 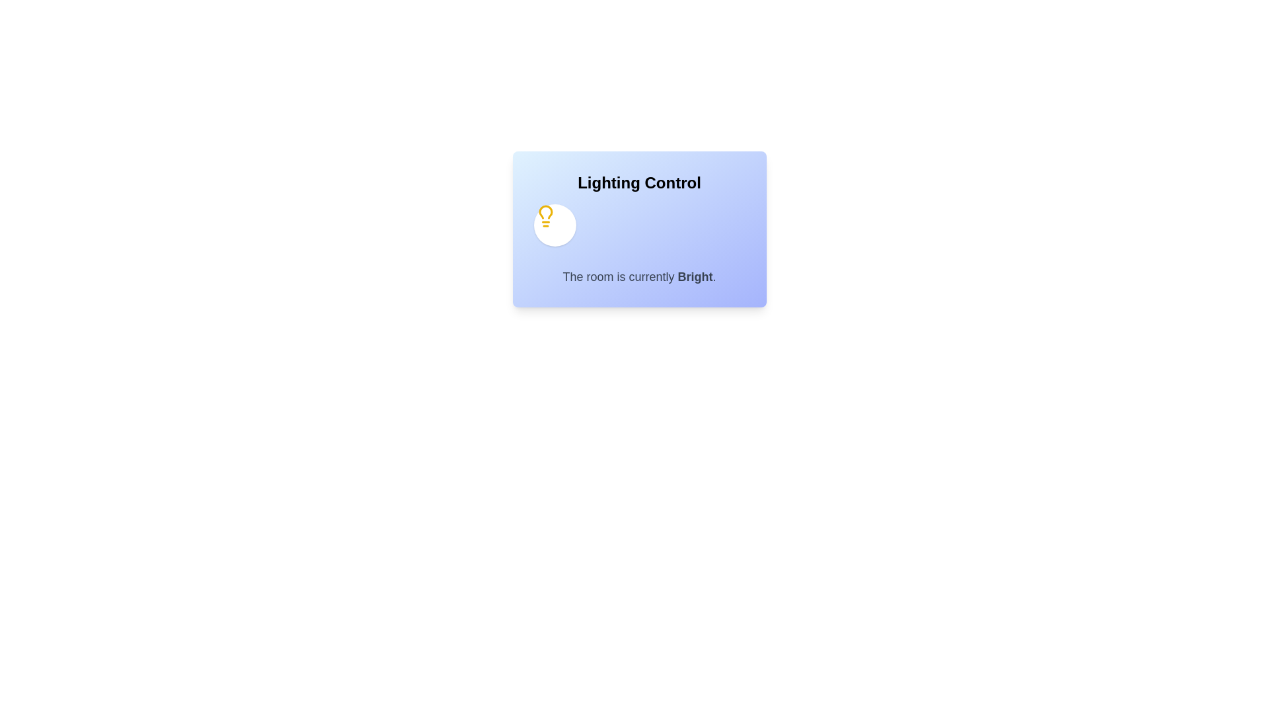 I want to click on the lightbulb icon to toggle the light, so click(x=555, y=224).